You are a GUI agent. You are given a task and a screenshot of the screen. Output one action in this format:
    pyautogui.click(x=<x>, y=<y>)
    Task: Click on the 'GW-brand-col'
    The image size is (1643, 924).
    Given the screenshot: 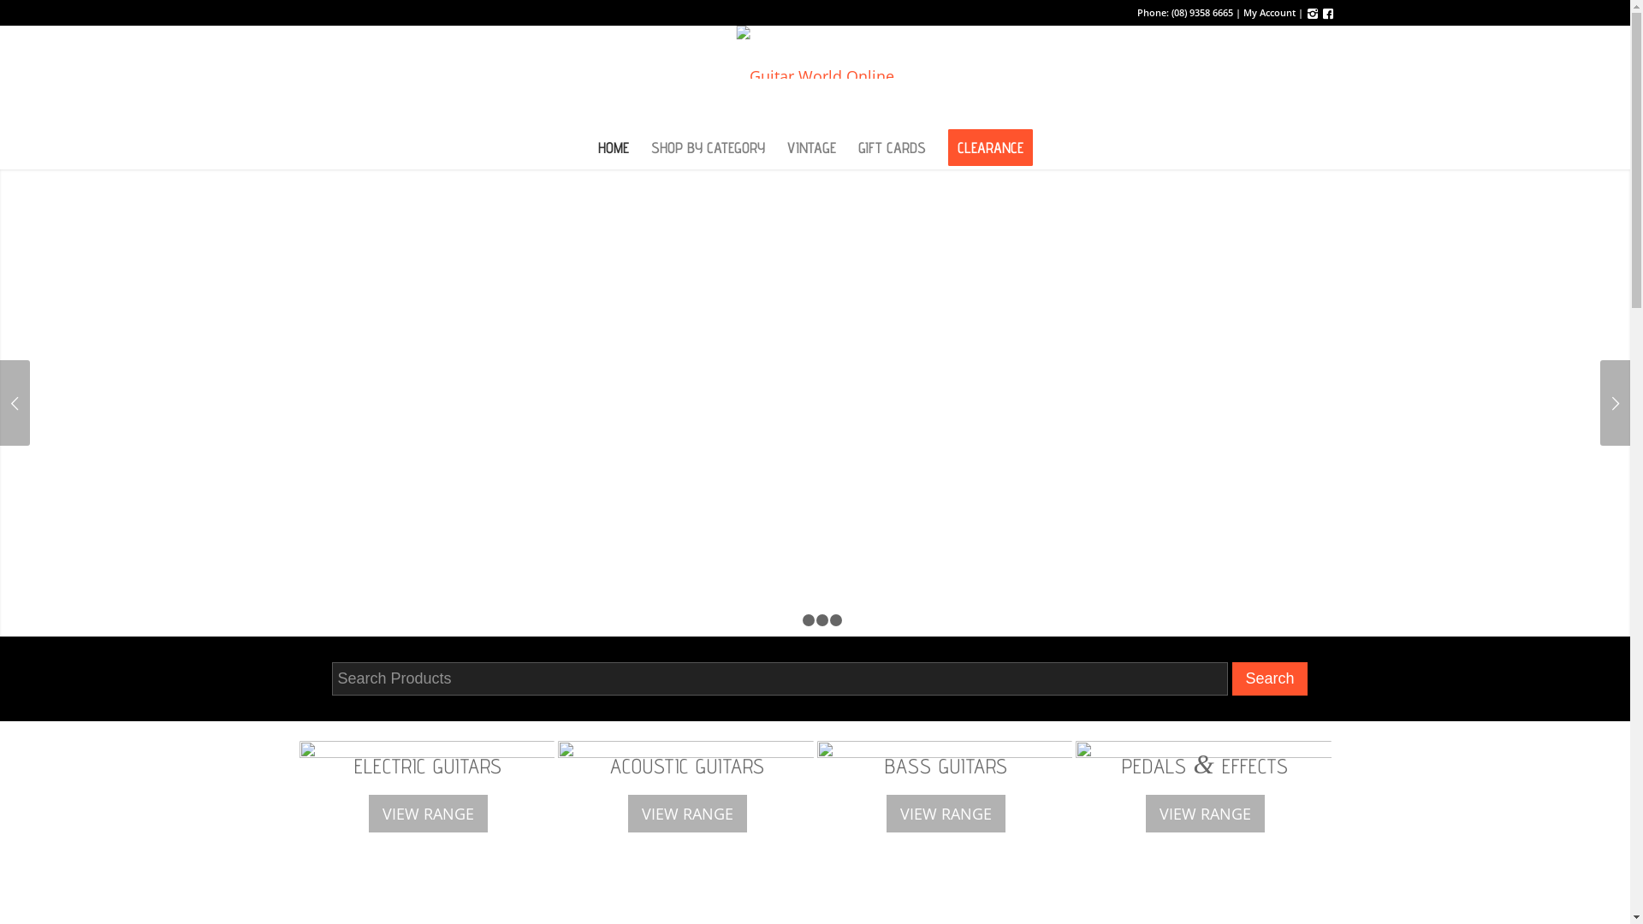 What is the action you would take?
    pyautogui.click(x=814, y=51)
    